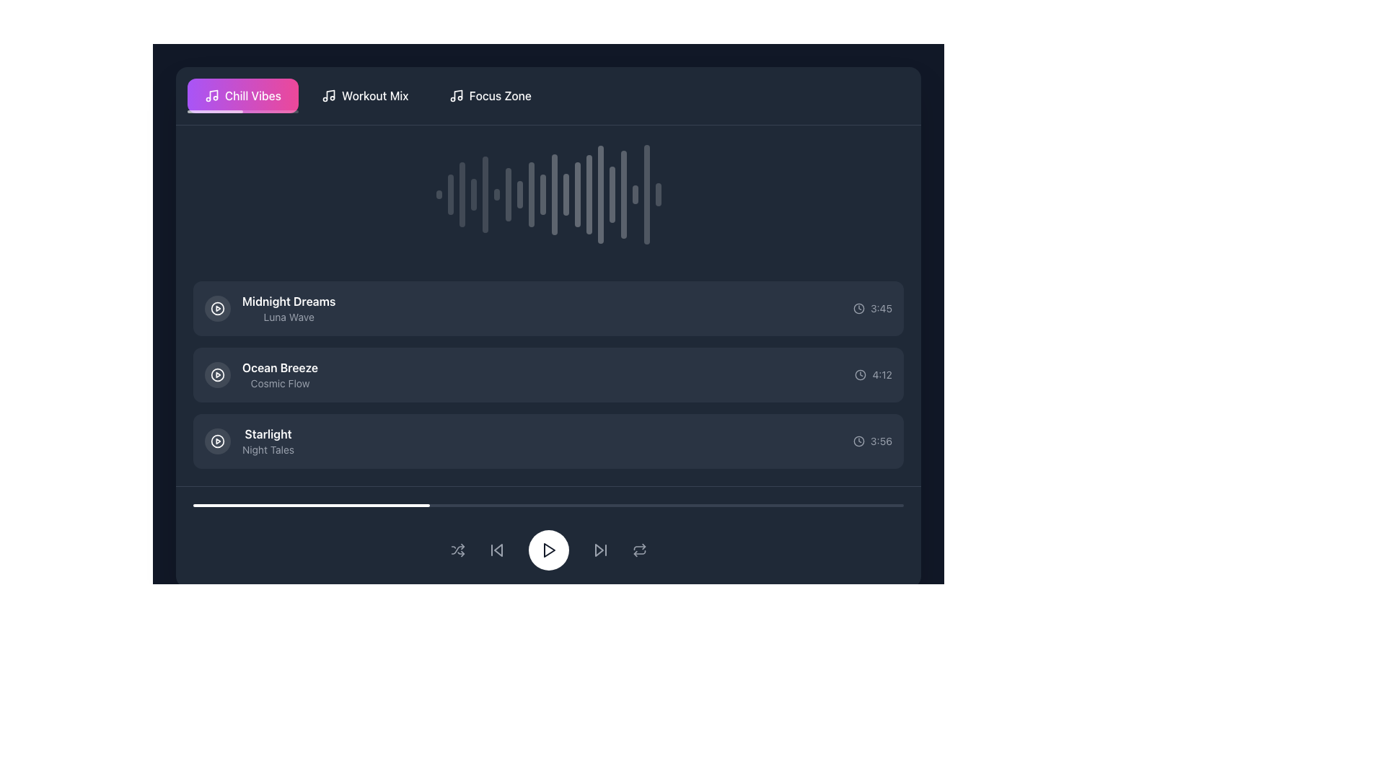 The width and height of the screenshot is (1385, 779). Describe the element at coordinates (249, 441) in the screenshot. I see `text content of the text block displaying the title and artist of the third track in the playlist, located between 'Ocean Breeze' and the playback controls` at that location.